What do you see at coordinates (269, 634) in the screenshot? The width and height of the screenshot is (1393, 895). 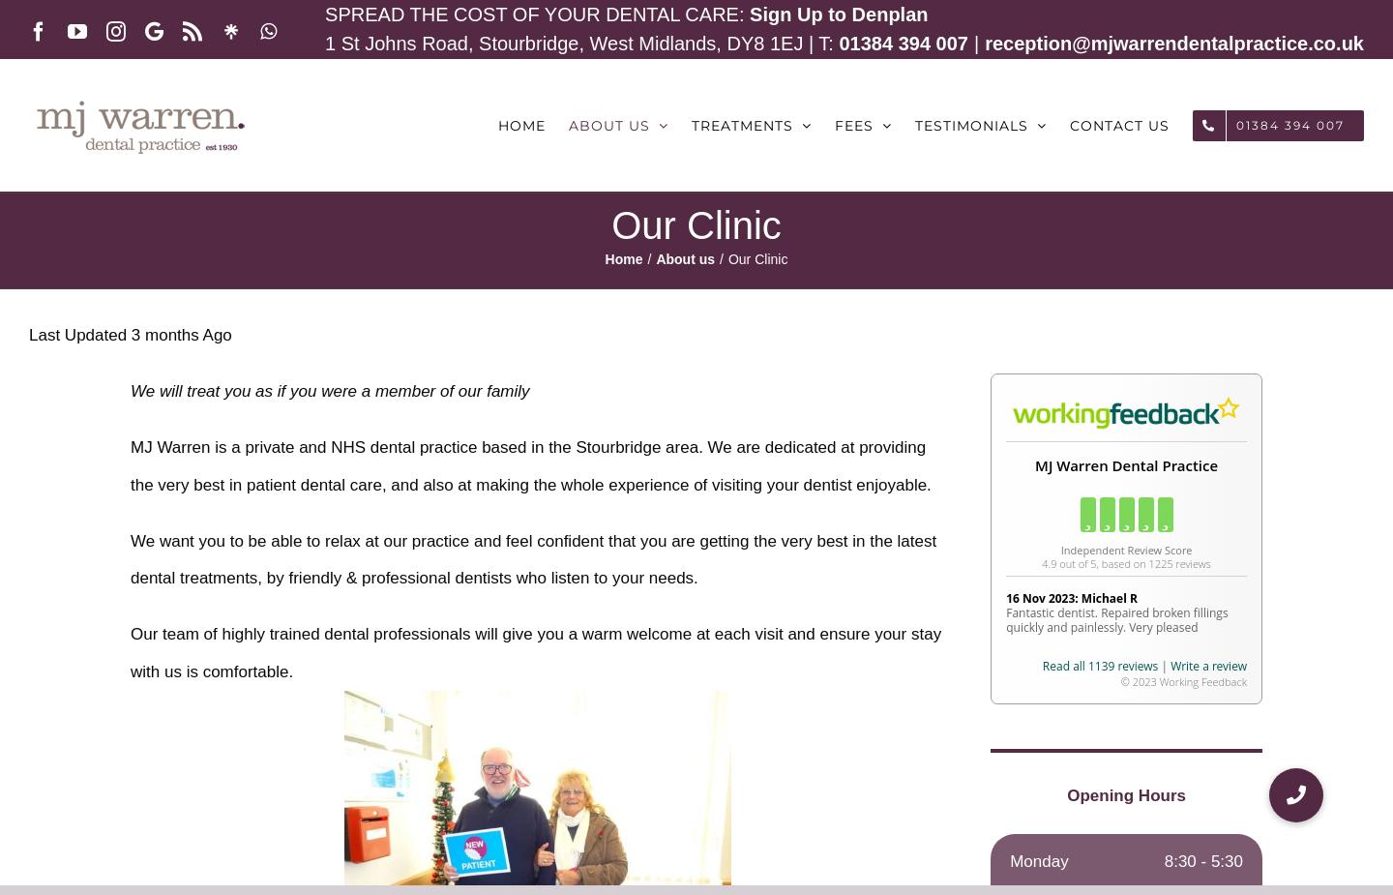 I see `'highly trained'` at bounding box center [269, 634].